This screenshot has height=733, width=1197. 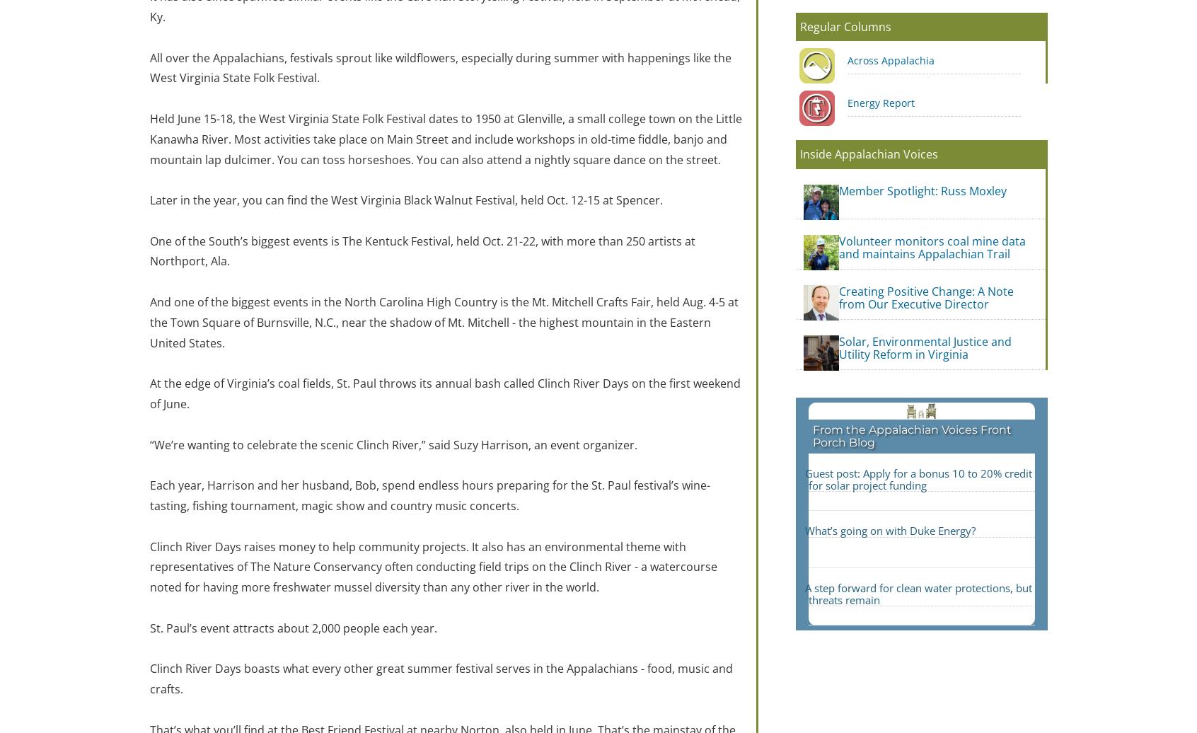 What do you see at coordinates (195, 32) in the screenshot?
I see `'Name'` at bounding box center [195, 32].